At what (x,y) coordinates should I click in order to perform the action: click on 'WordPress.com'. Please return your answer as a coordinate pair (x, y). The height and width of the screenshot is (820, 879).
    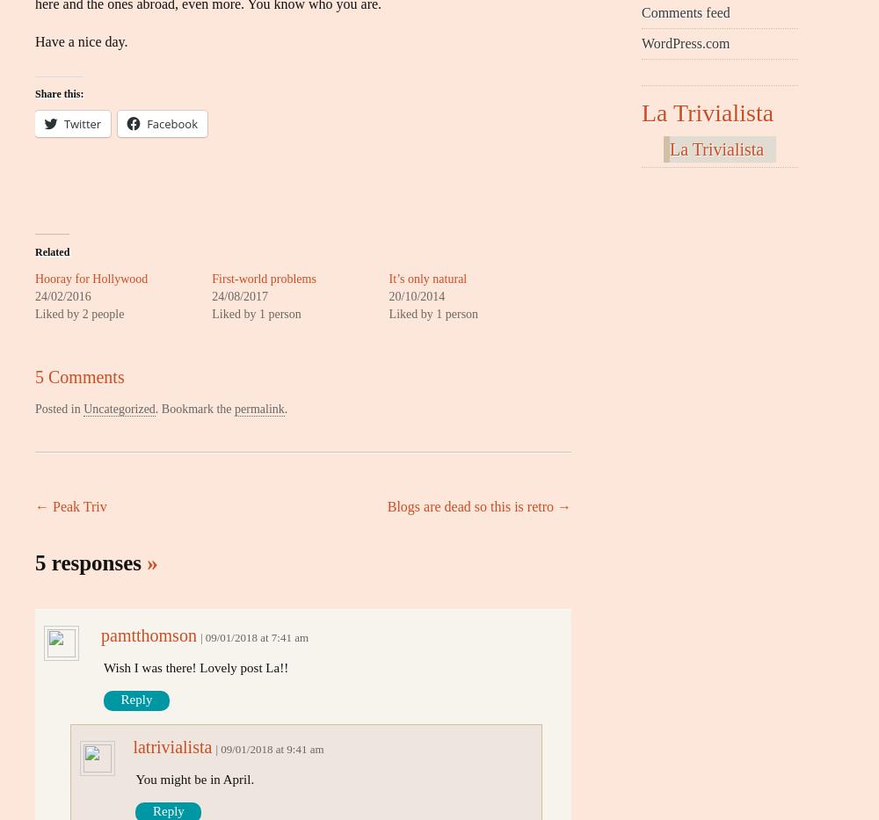
    Looking at the image, I should click on (686, 41).